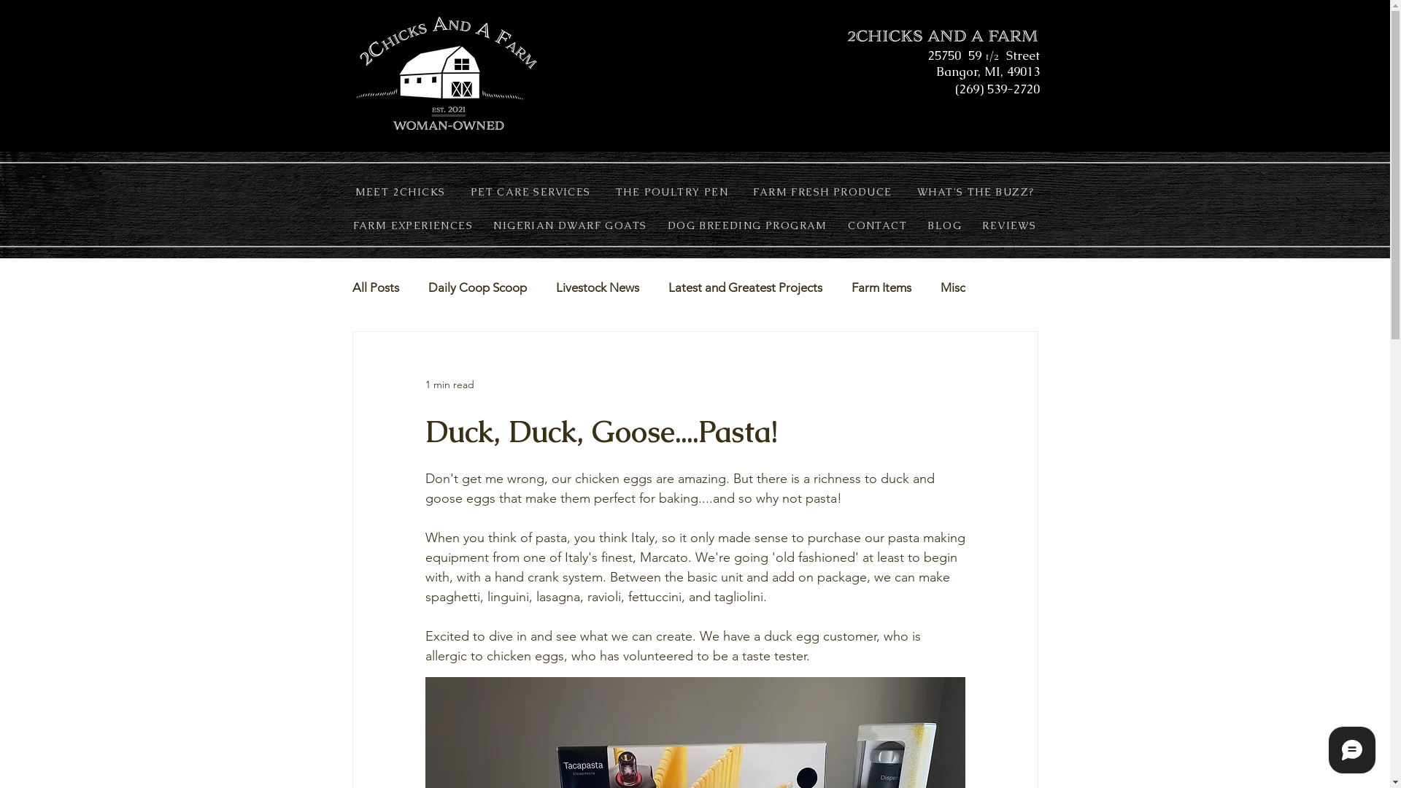  What do you see at coordinates (944, 225) in the screenshot?
I see `'BLOG'` at bounding box center [944, 225].